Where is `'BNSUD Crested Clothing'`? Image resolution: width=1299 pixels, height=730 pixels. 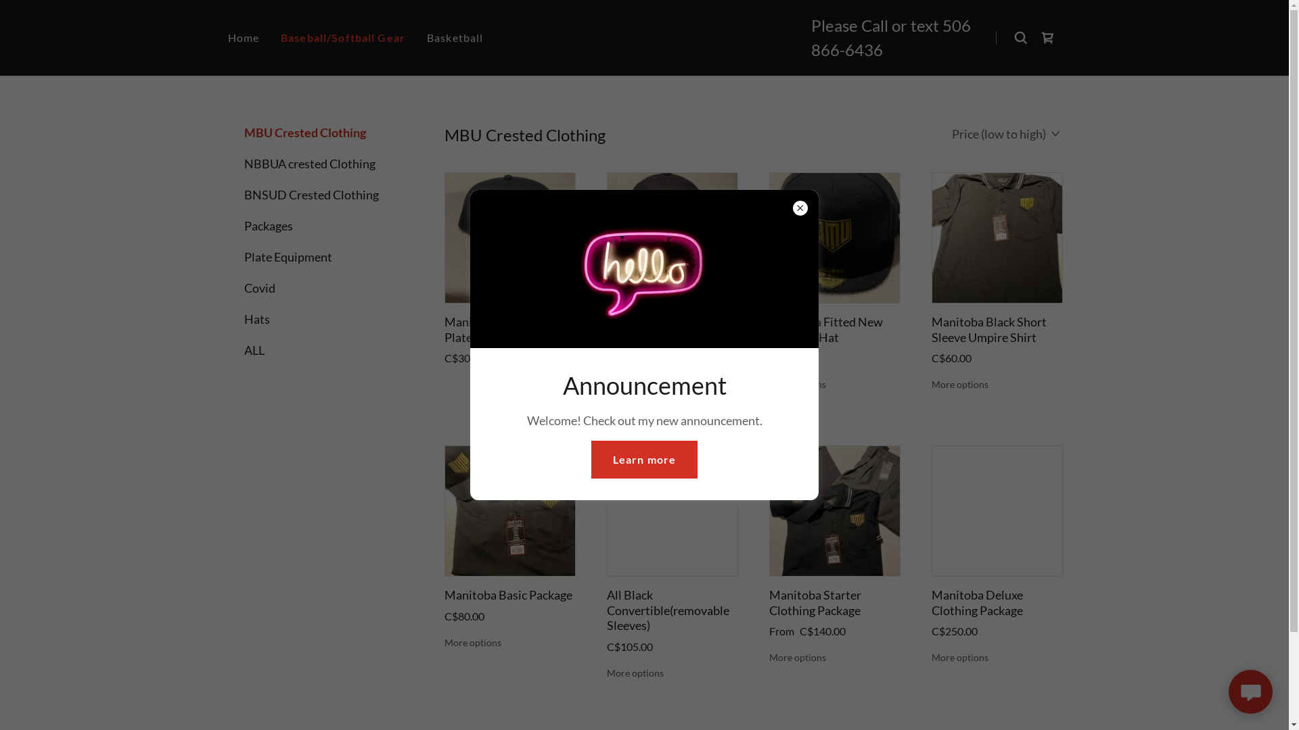
'BNSUD Crested Clothing' is located at coordinates (244, 195).